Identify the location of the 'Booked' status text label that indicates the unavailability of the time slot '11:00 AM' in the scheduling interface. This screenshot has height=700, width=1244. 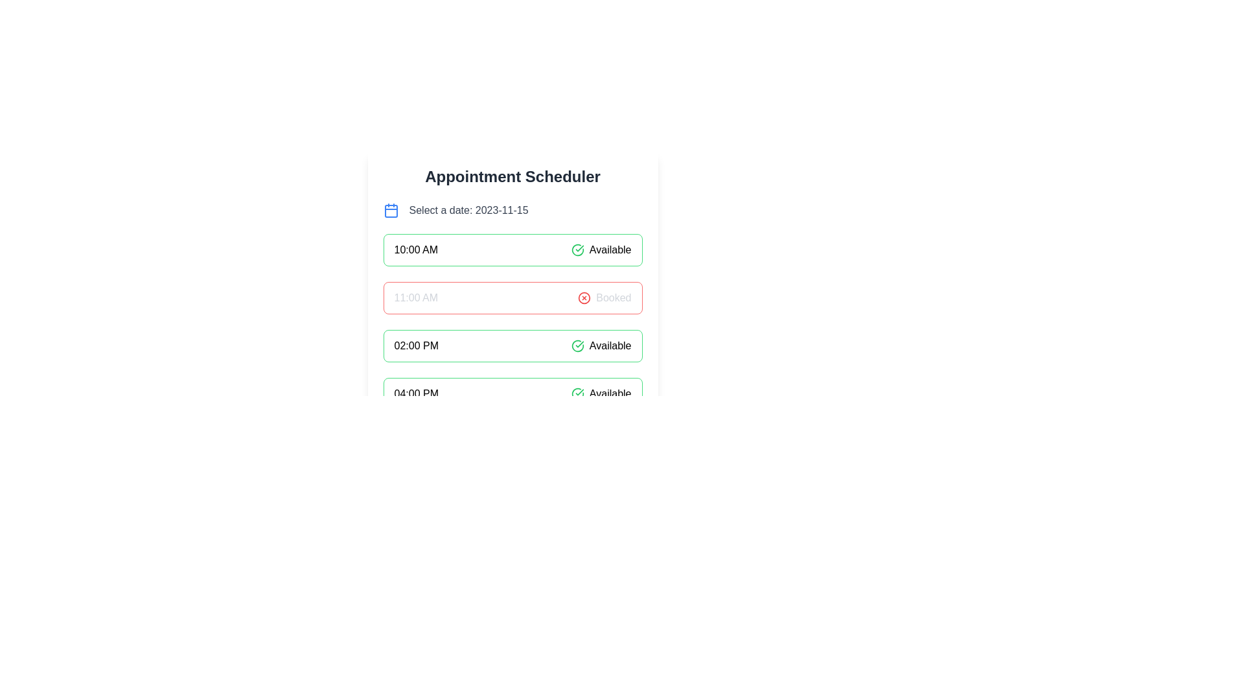
(613, 297).